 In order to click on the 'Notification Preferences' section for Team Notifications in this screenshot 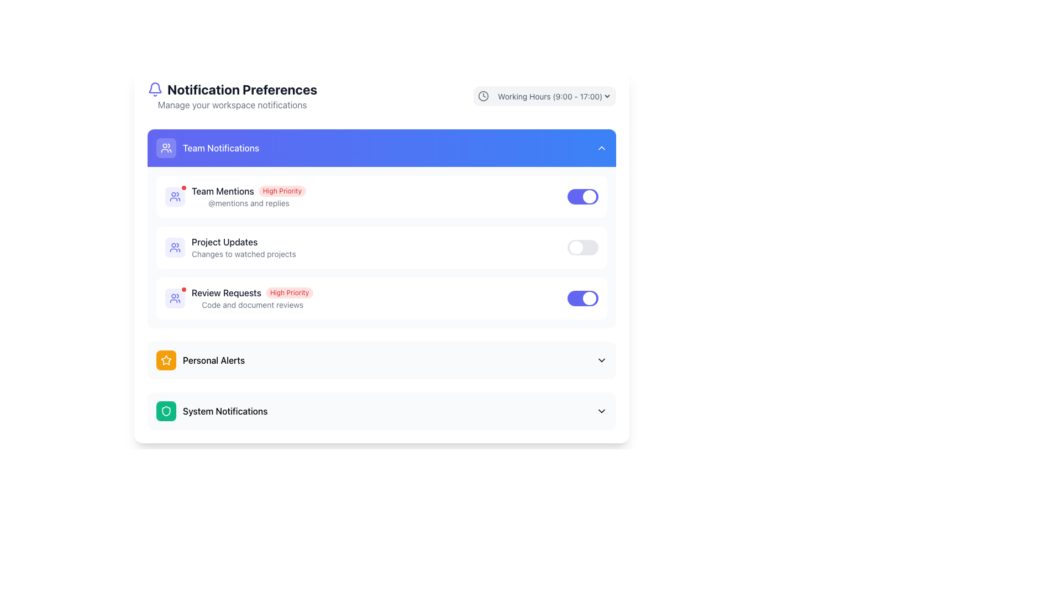, I will do `click(382, 228)`.